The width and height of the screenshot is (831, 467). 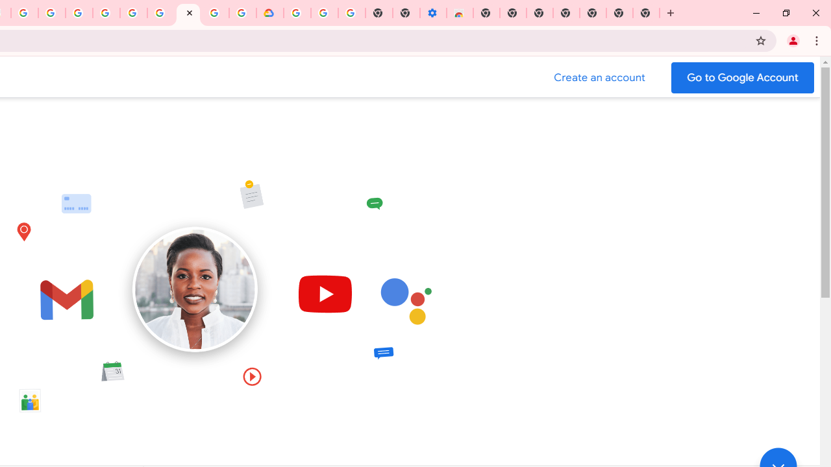 What do you see at coordinates (646, 13) in the screenshot?
I see `'New Tab'` at bounding box center [646, 13].